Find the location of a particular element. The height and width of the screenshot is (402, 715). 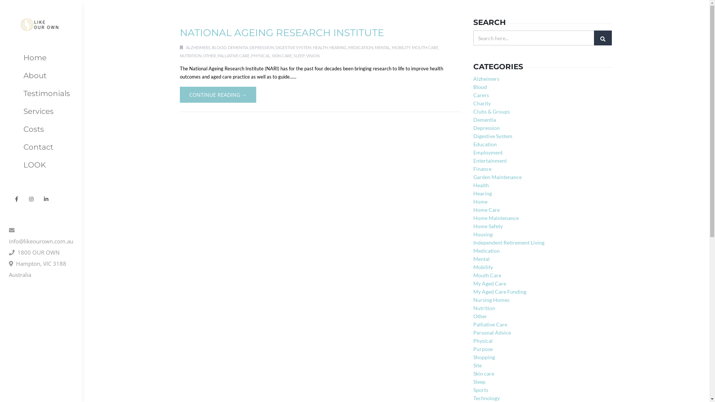

'PHYSICAL' is located at coordinates (261, 55).